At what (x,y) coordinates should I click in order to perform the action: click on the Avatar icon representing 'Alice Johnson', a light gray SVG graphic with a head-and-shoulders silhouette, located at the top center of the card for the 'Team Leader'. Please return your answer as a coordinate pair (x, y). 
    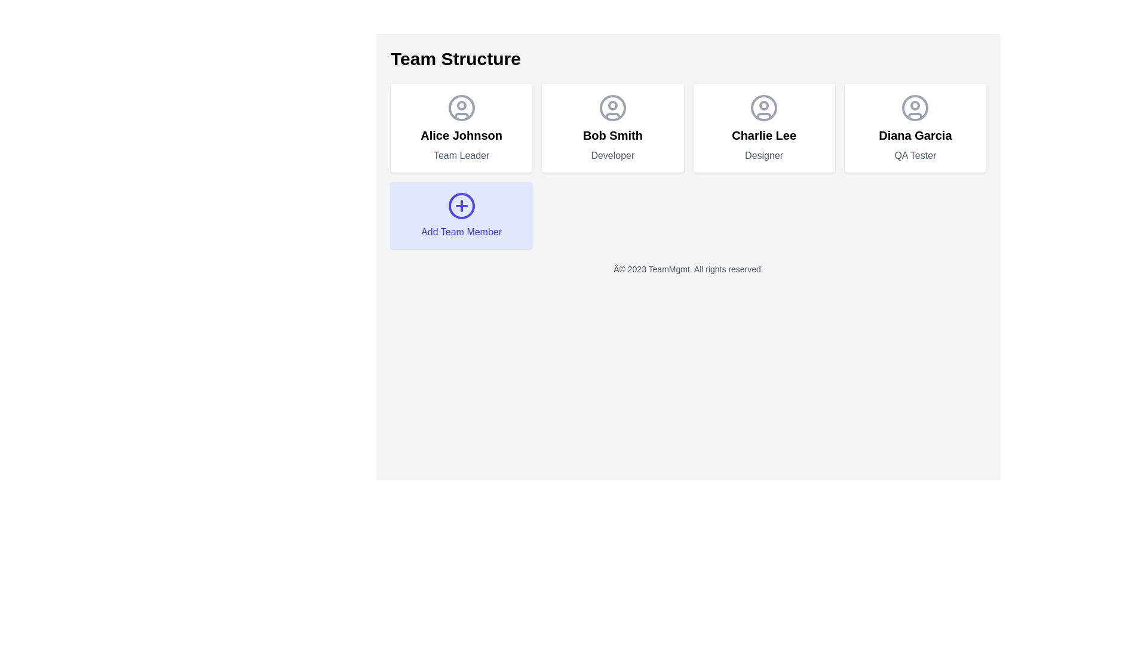
    Looking at the image, I should click on (461, 108).